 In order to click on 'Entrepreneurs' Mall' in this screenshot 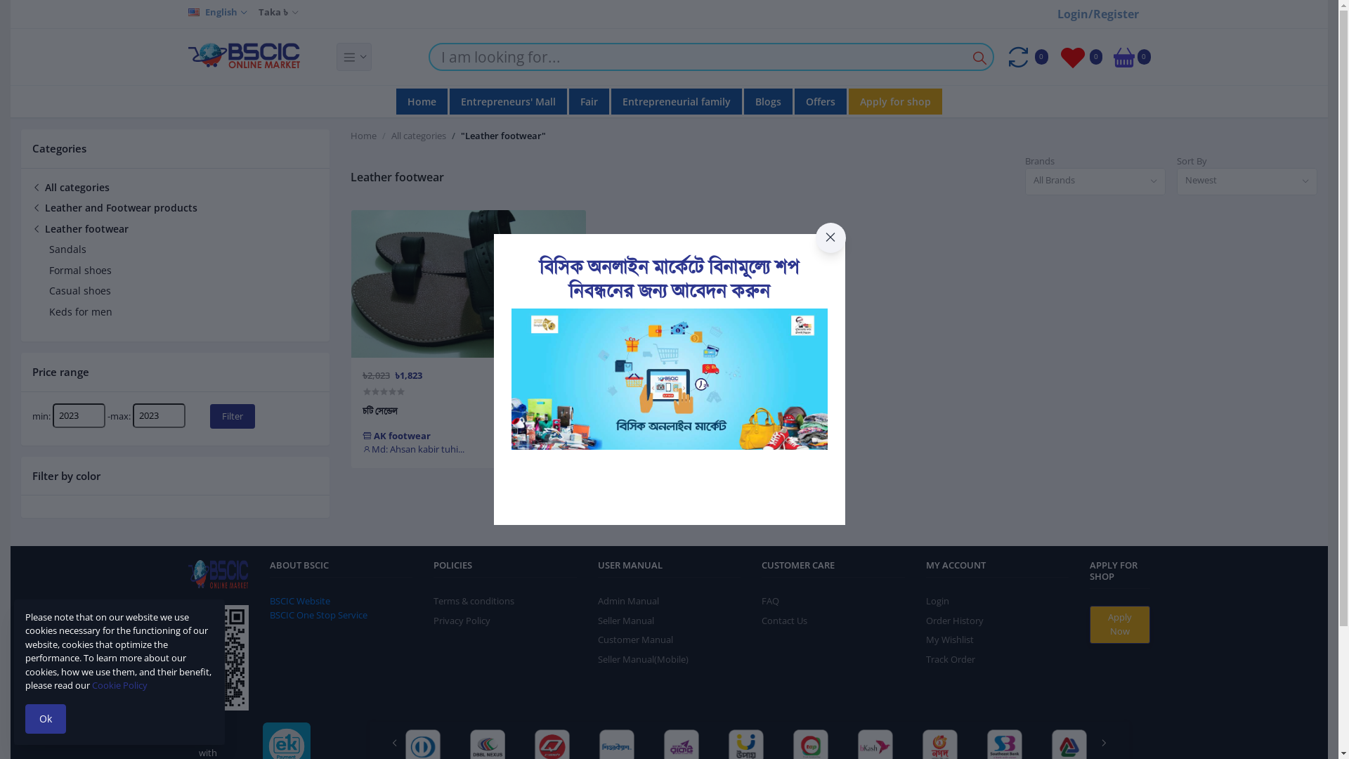, I will do `click(448, 100)`.